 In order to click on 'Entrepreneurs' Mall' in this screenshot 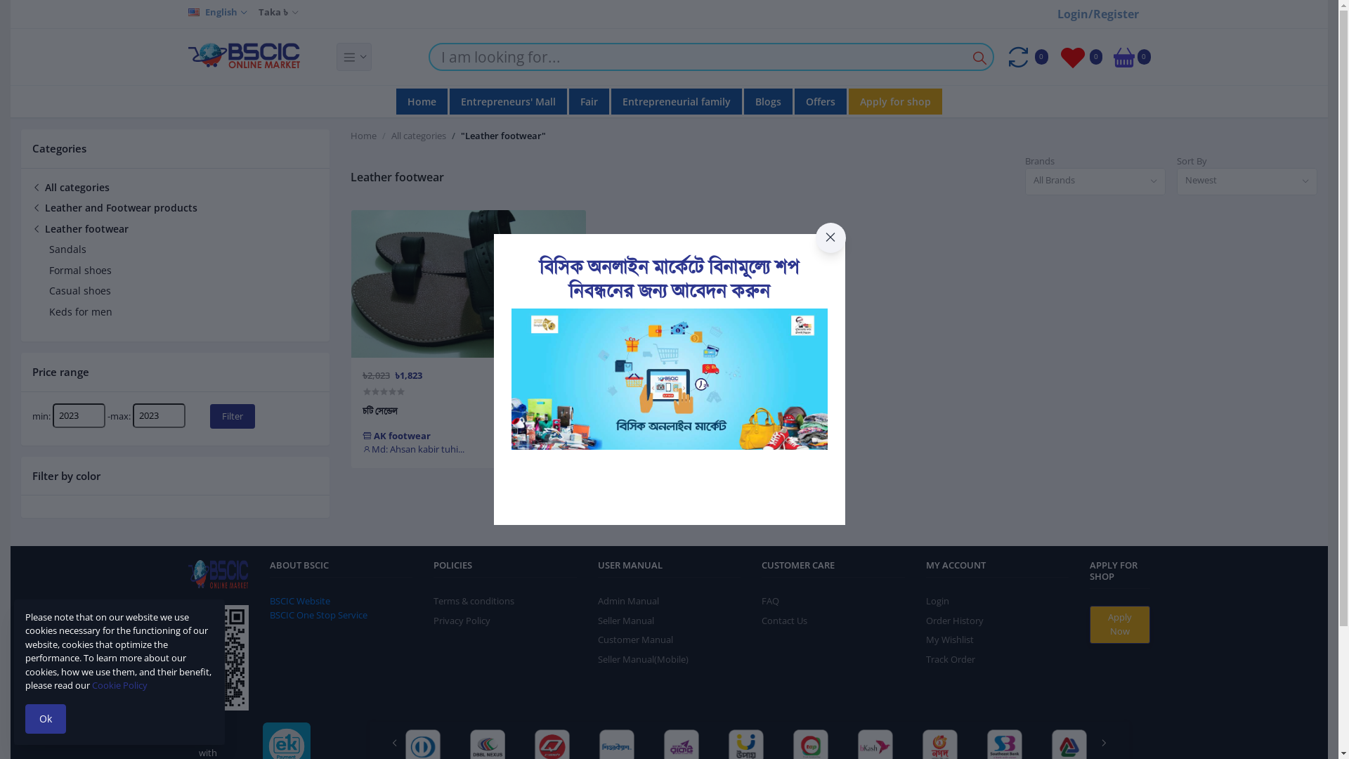, I will do `click(448, 100)`.